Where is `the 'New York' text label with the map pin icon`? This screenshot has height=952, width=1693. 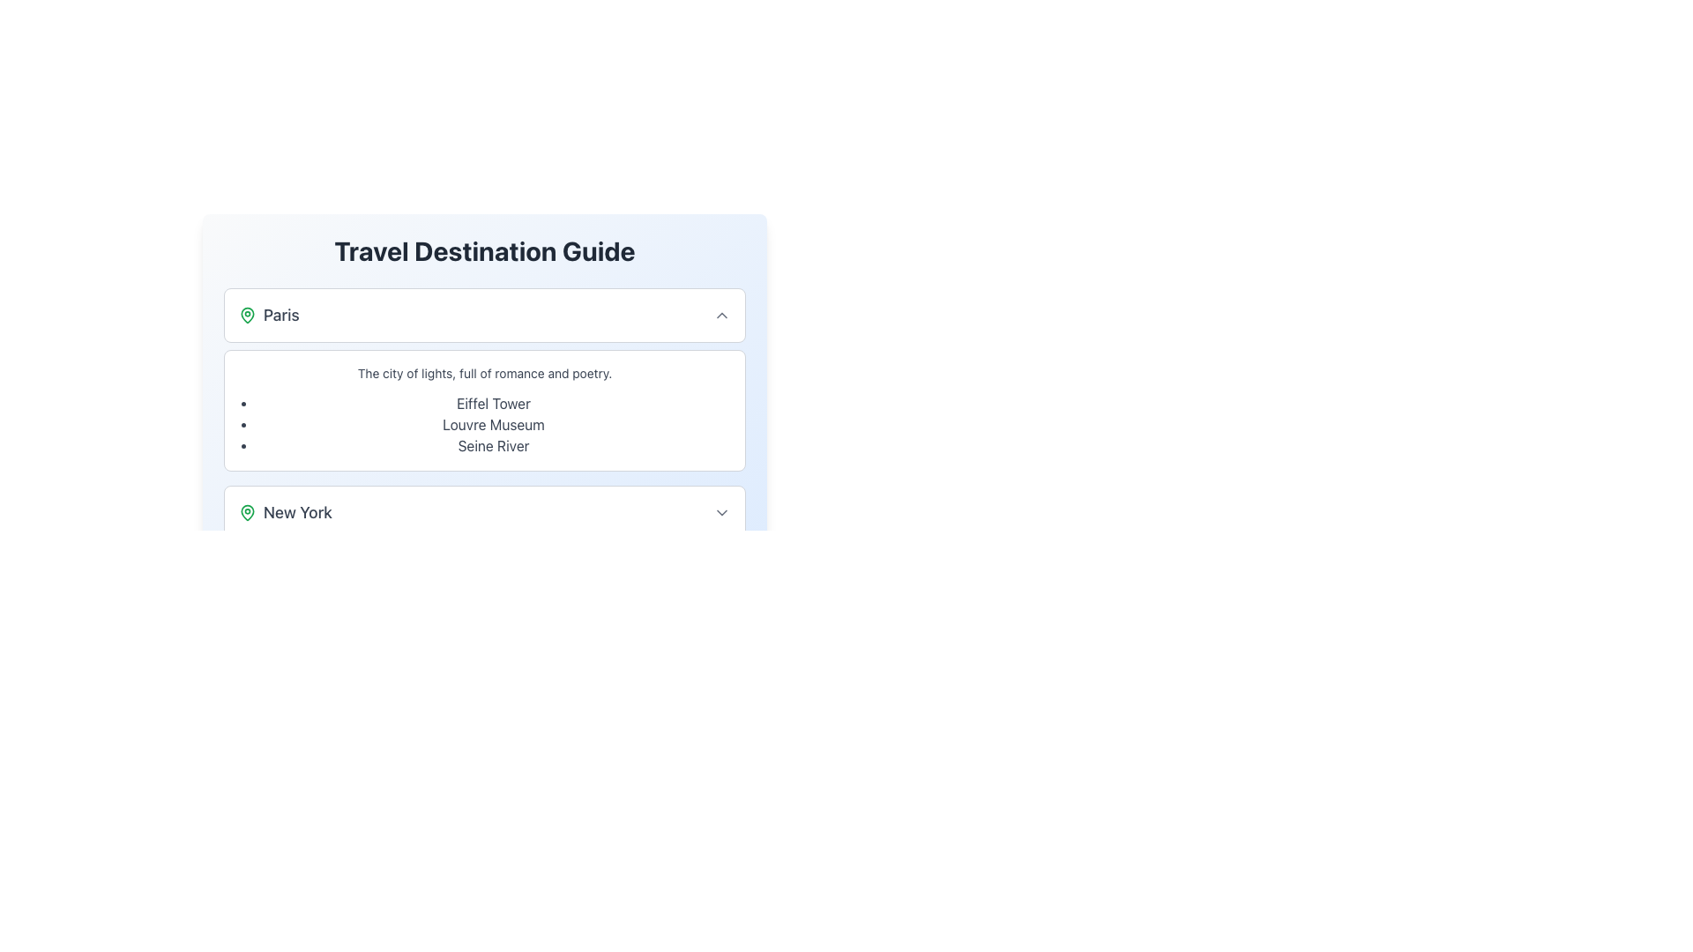 the 'New York' text label with the map pin icon is located at coordinates (285, 513).